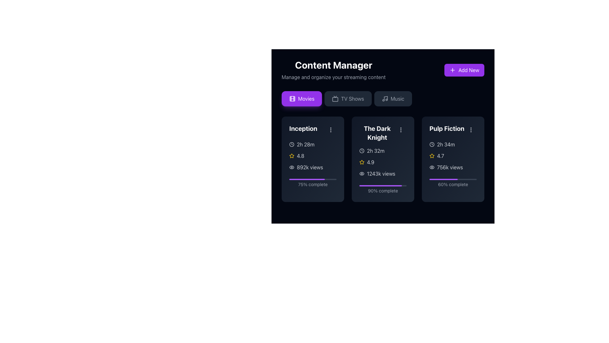 The width and height of the screenshot is (609, 343). Describe the element at coordinates (330, 129) in the screenshot. I see `the vertical ellipsis icon button located at the top-right corner of the 'Inception' card` at that location.